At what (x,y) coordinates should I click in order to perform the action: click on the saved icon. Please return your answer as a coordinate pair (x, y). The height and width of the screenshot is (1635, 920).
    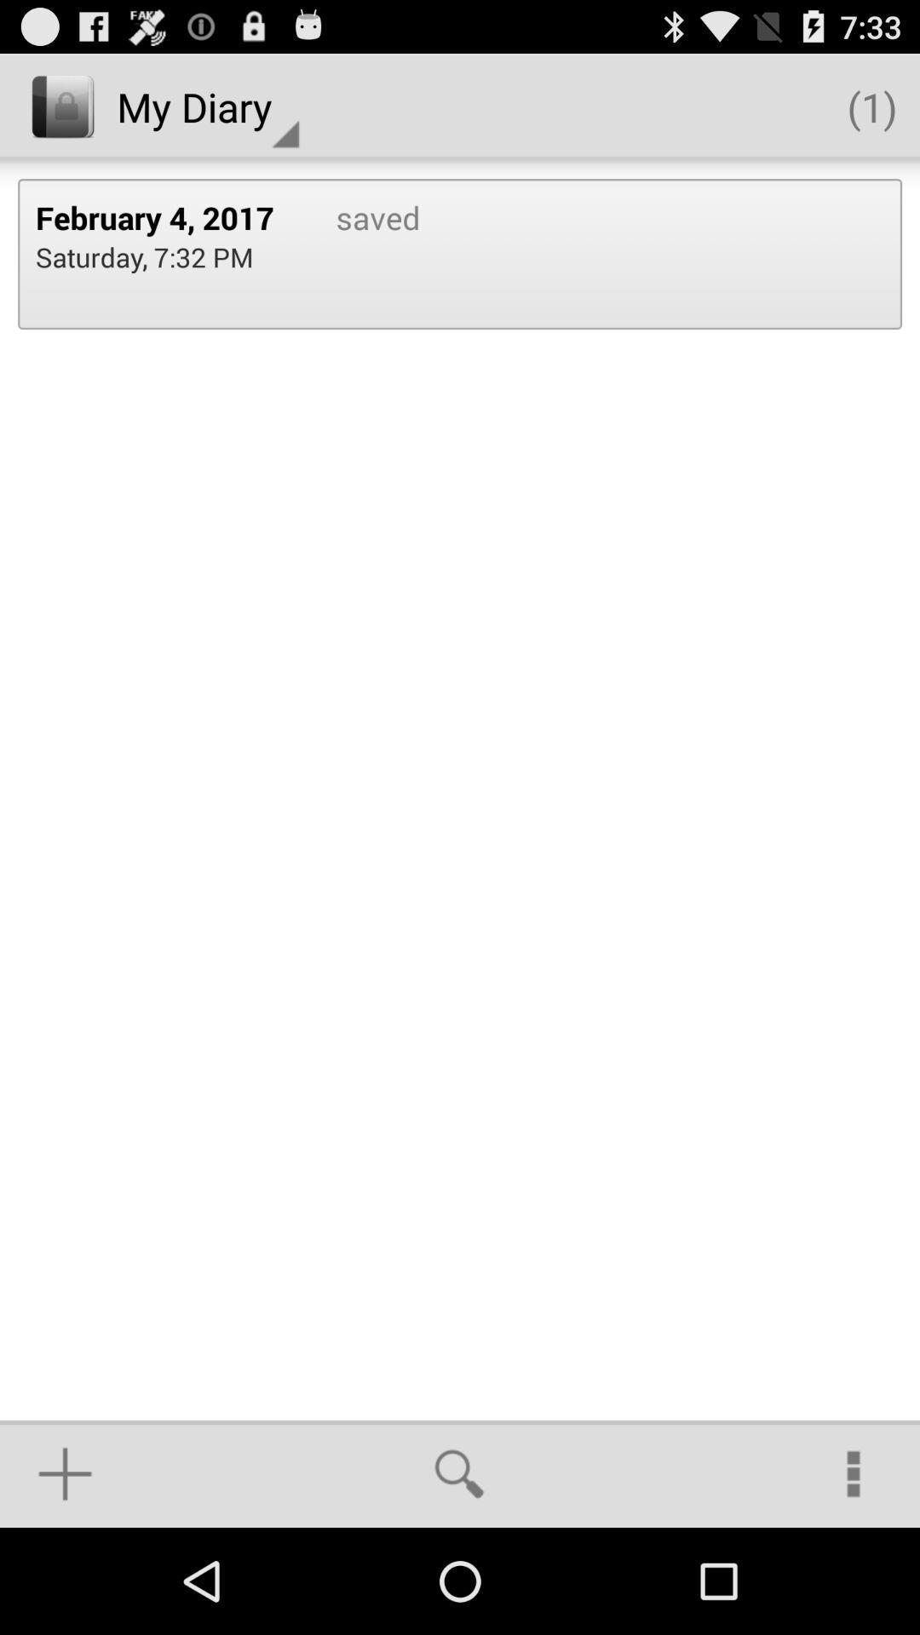
    Looking at the image, I should click on (359, 253).